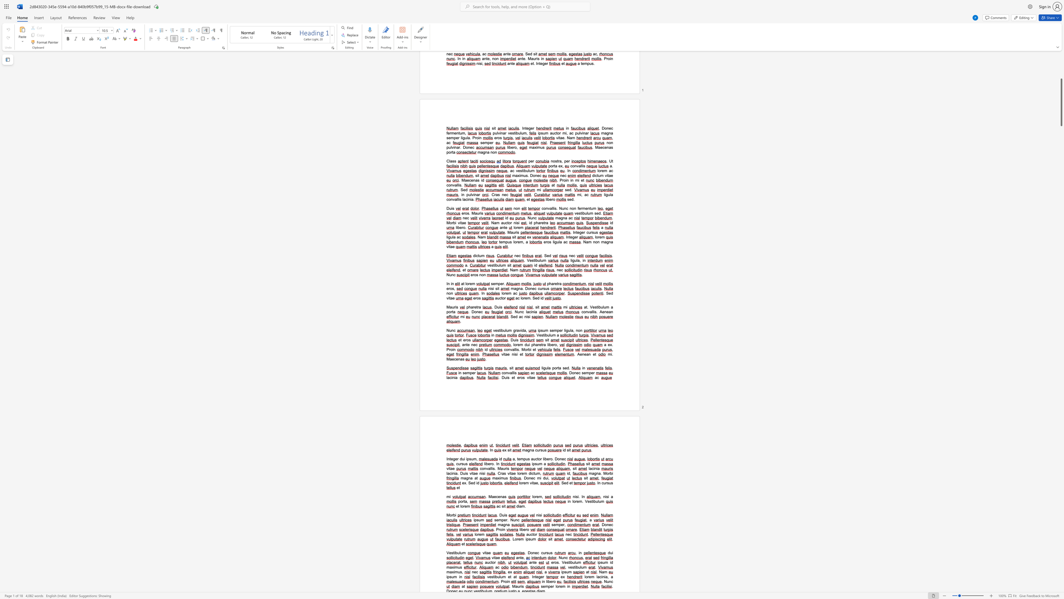 The height and width of the screenshot is (599, 1064). Describe the element at coordinates (475, 344) in the screenshot. I see `the space between the continuous character "e" and "c" in the text` at that location.